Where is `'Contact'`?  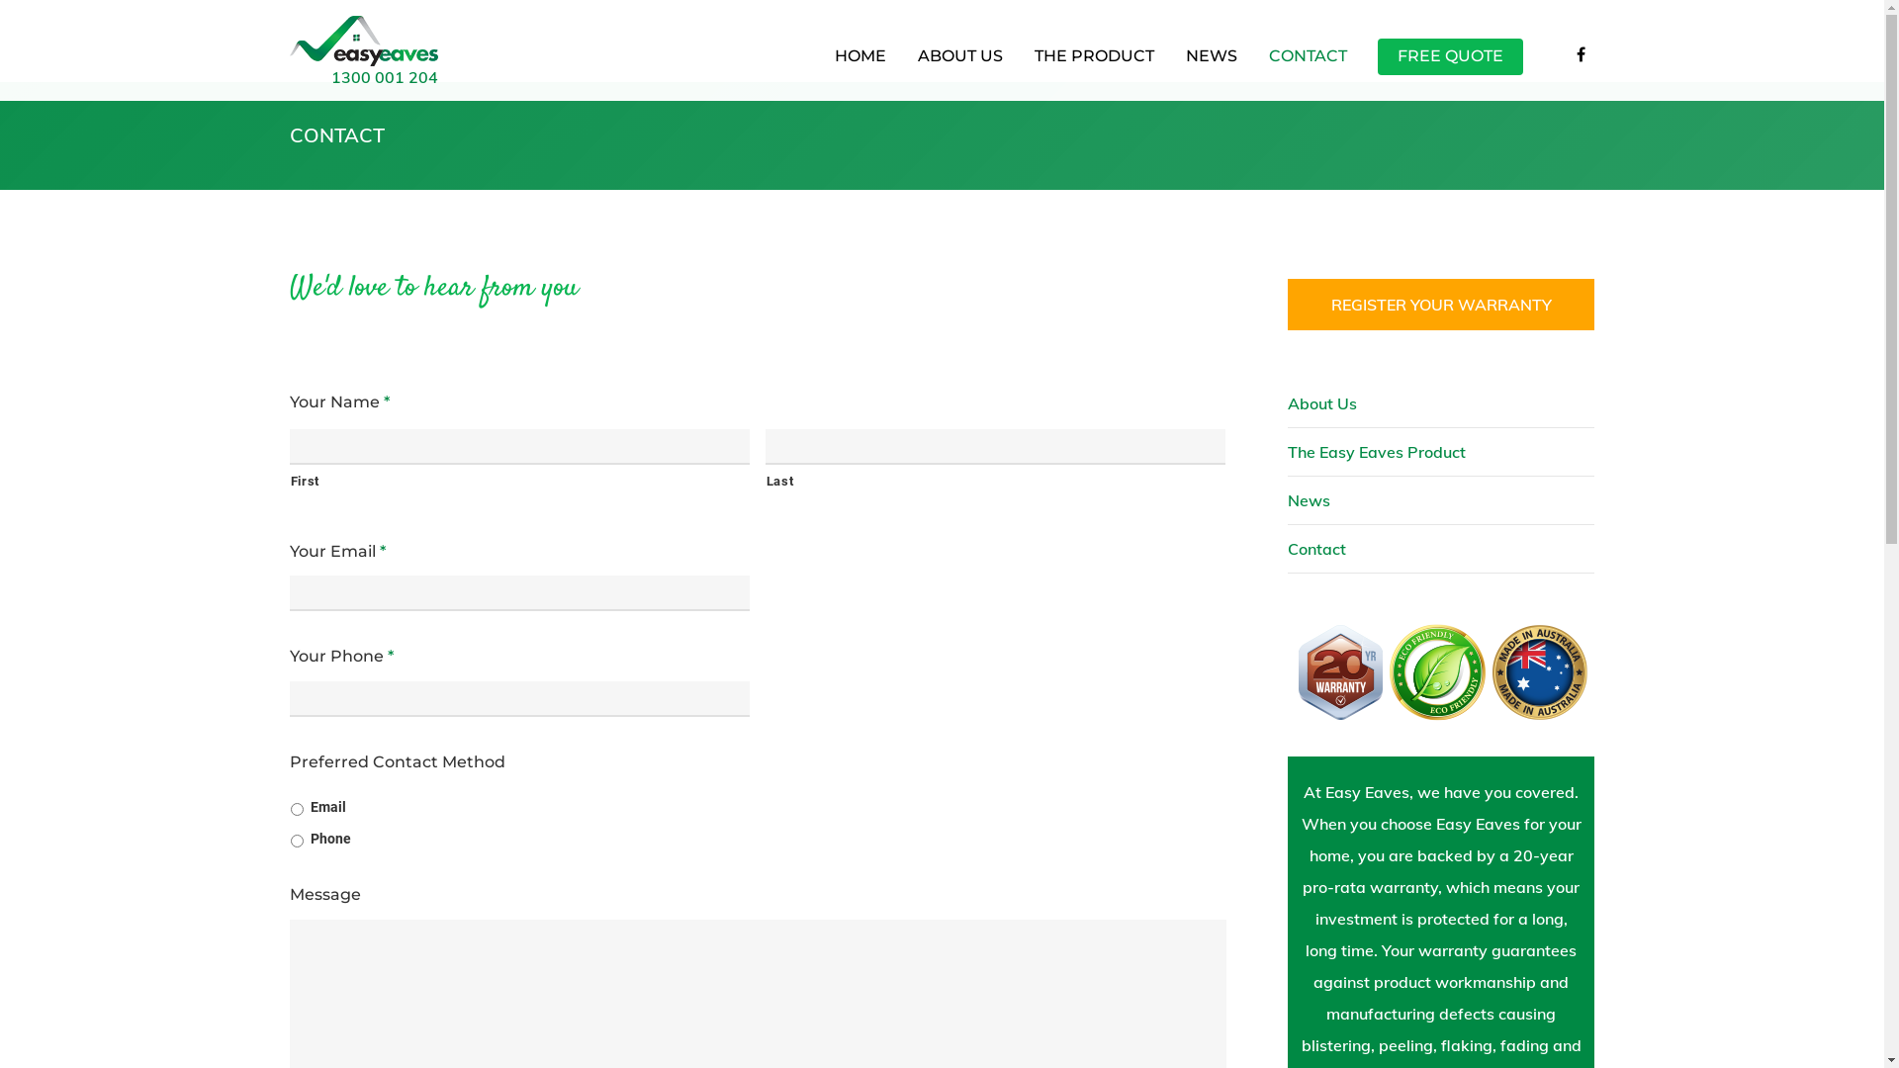
'Contact' is located at coordinates (1287, 549).